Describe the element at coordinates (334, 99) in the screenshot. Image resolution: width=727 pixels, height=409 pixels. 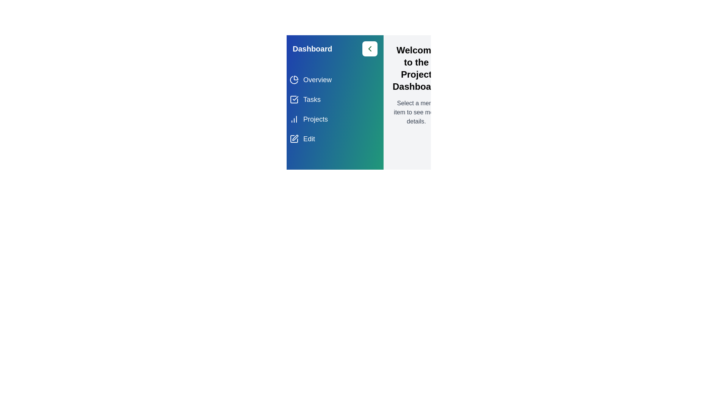
I see `the menu item Tasks to observe the hover effect` at that location.